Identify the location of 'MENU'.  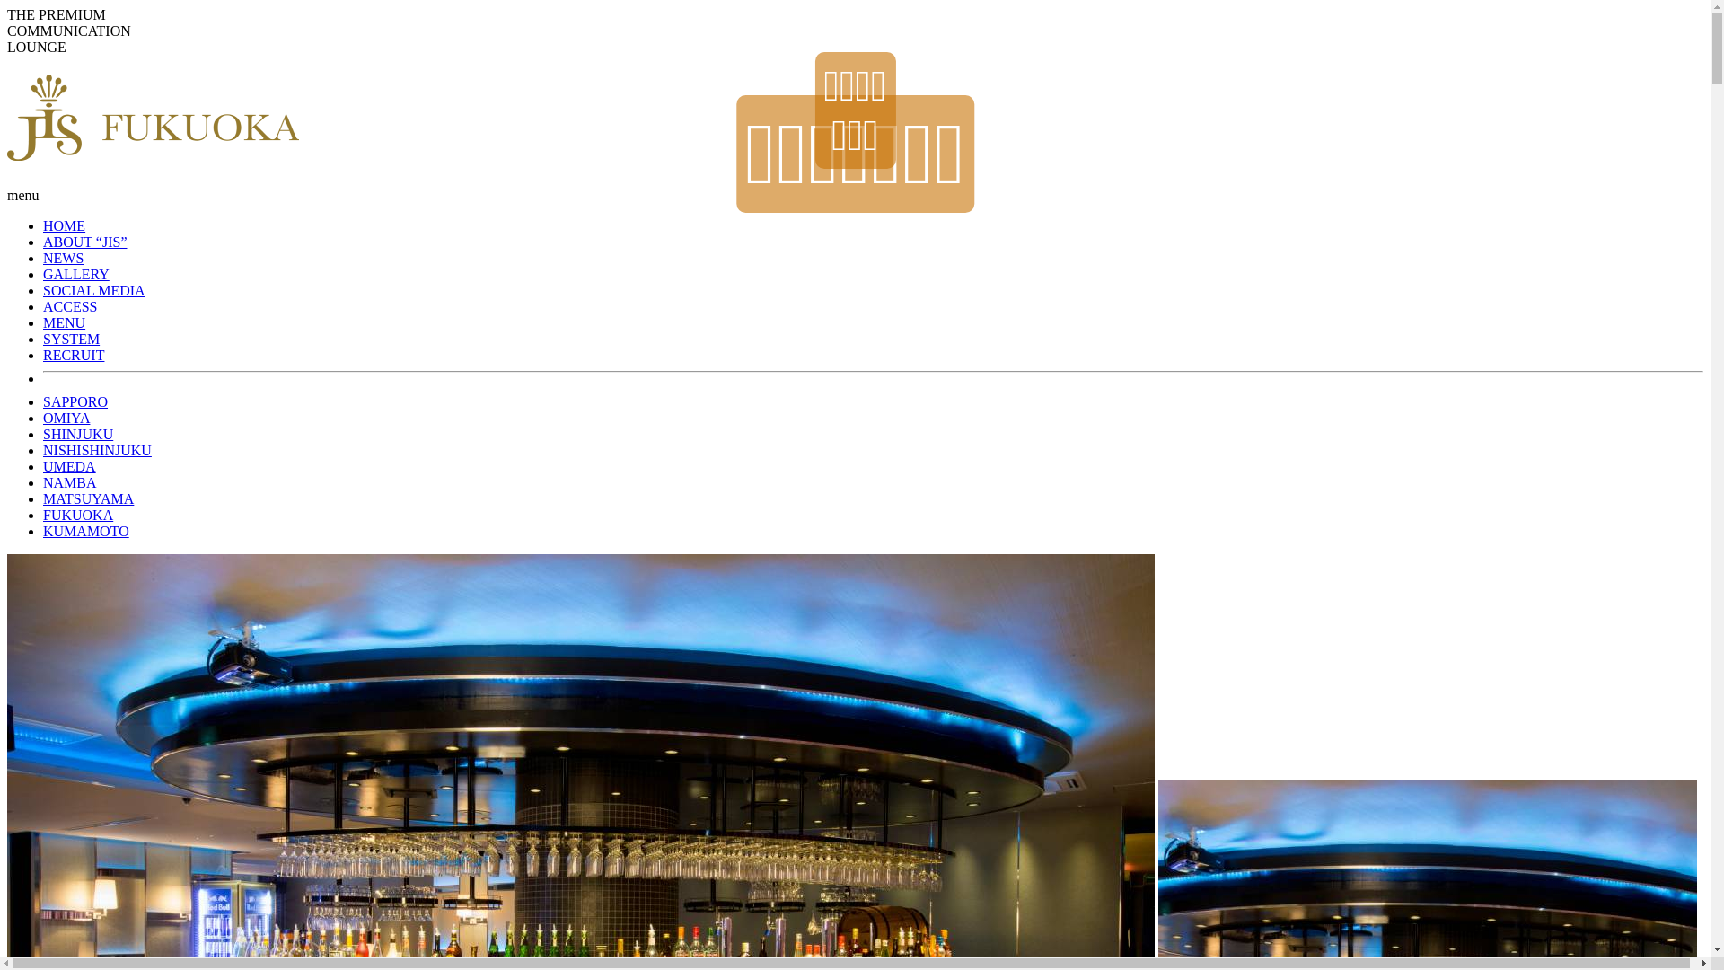
(43, 322).